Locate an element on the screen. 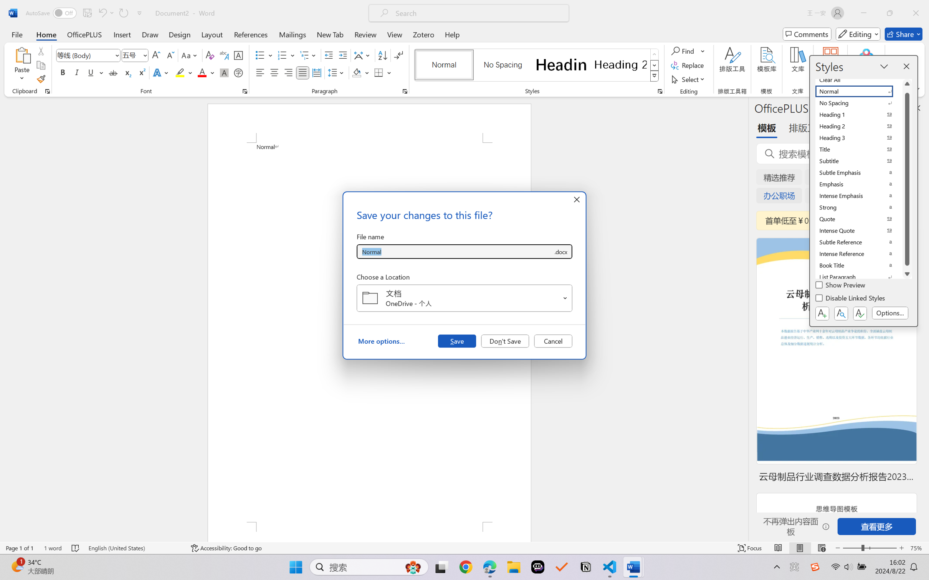  'Format Painter' is located at coordinates (40, 79).